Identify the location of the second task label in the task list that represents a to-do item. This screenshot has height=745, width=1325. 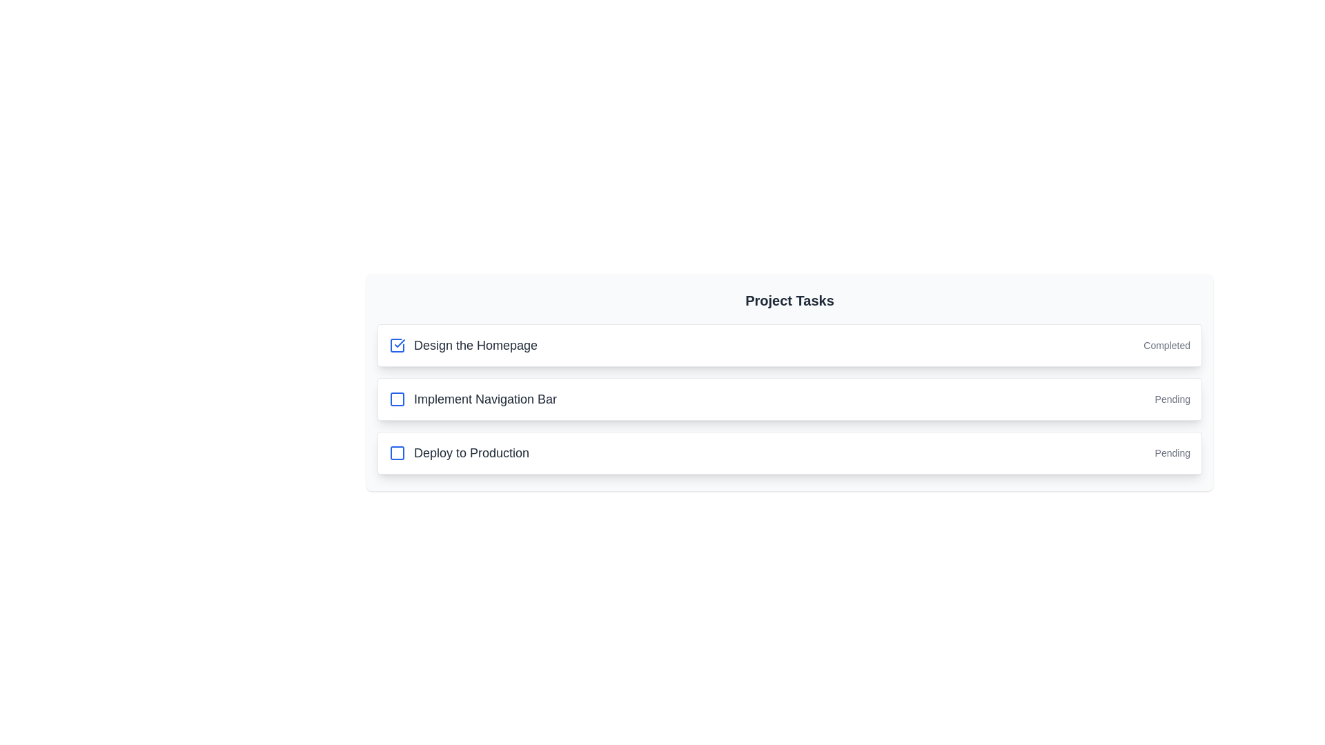
(473, 399).